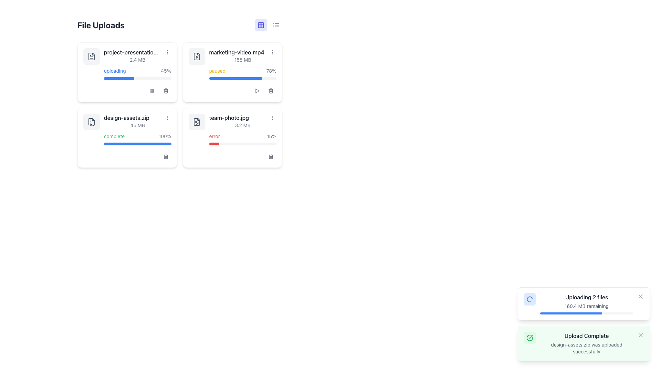 This screenshot has height=372, width=661. What do you see at coordinates (586, 303) in the screenshot?
I see `the progress bar located in the informative area of the upload status notification, which displays the file upload progress and remaining data size` at bounding box center [586, 303].